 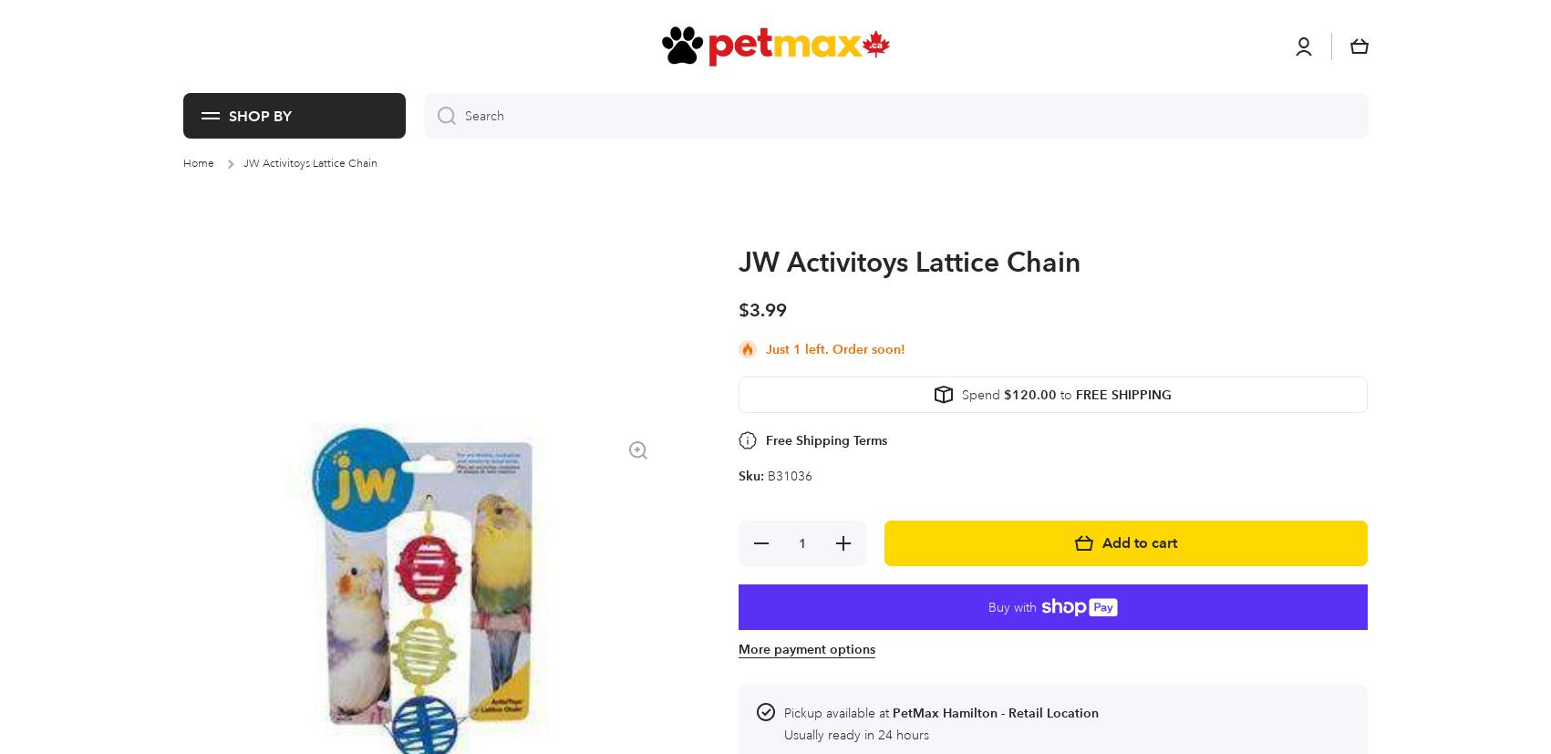 What do you see at coordinates (783, 349) in the screenshot?
I see `'View store information'` at bounding box center [783, 349].